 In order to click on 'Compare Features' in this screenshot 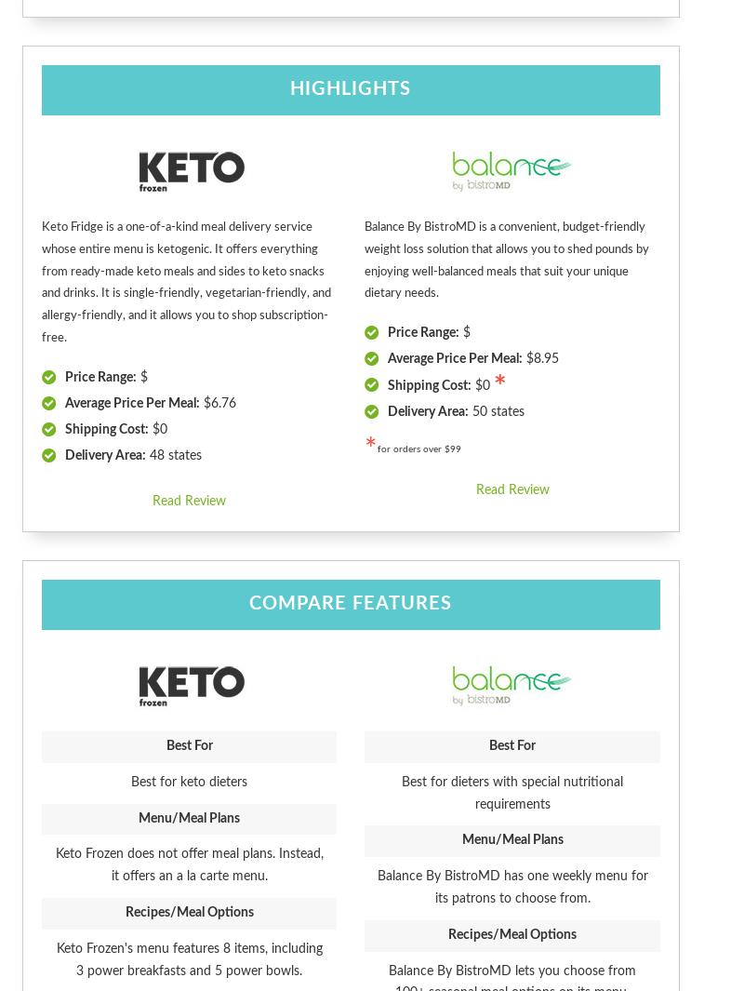, I will do `click(249, 604)`.